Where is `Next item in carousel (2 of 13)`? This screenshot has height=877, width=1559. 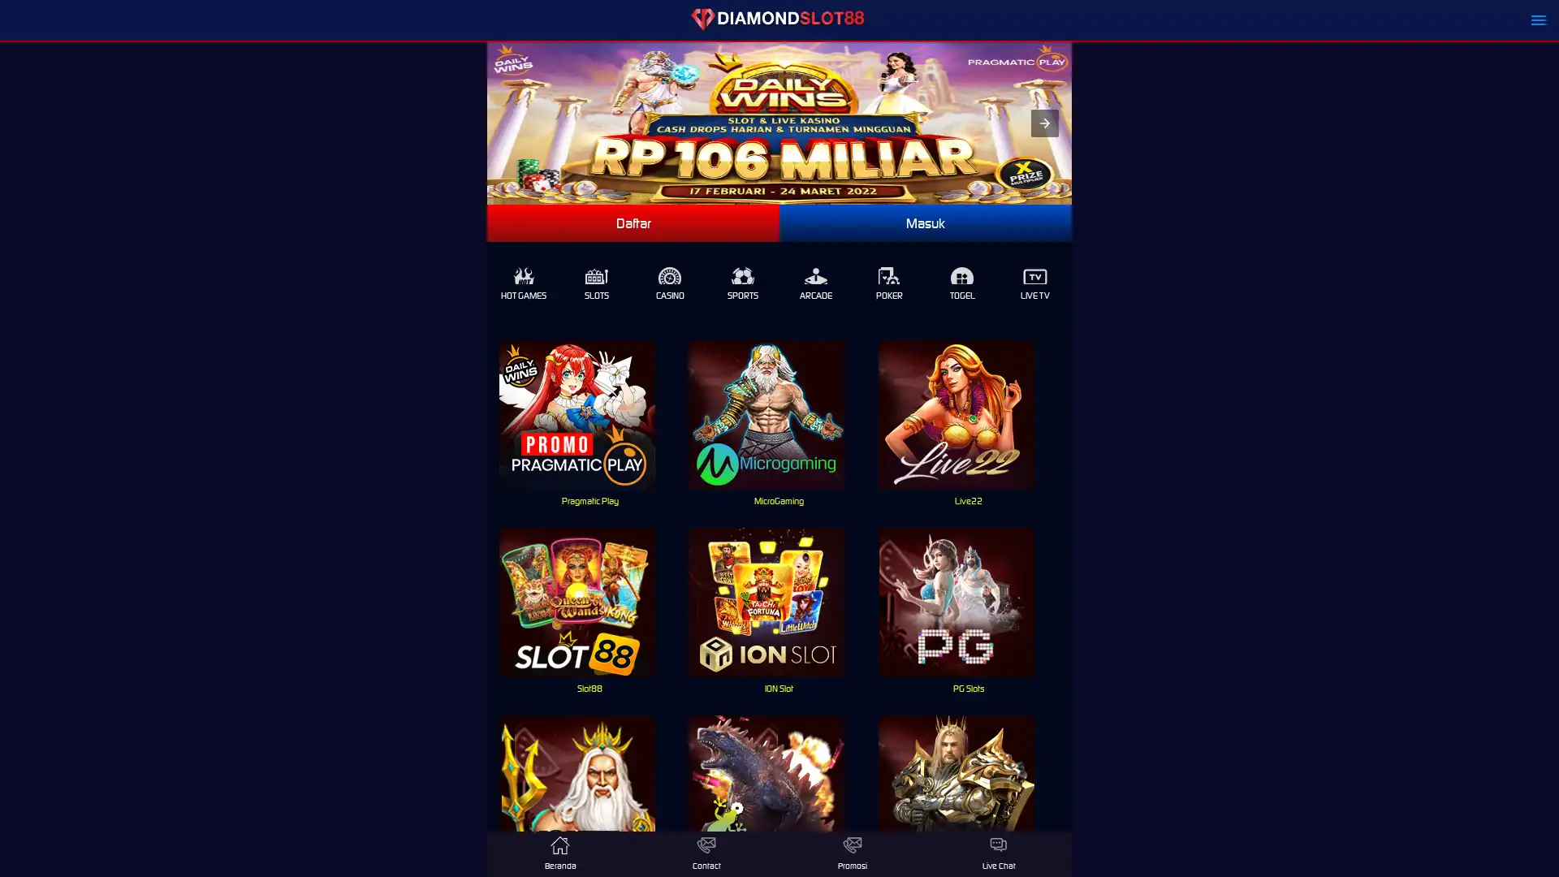
Next item in carousel (2 of 13) is located at coordinates (1044, 122).